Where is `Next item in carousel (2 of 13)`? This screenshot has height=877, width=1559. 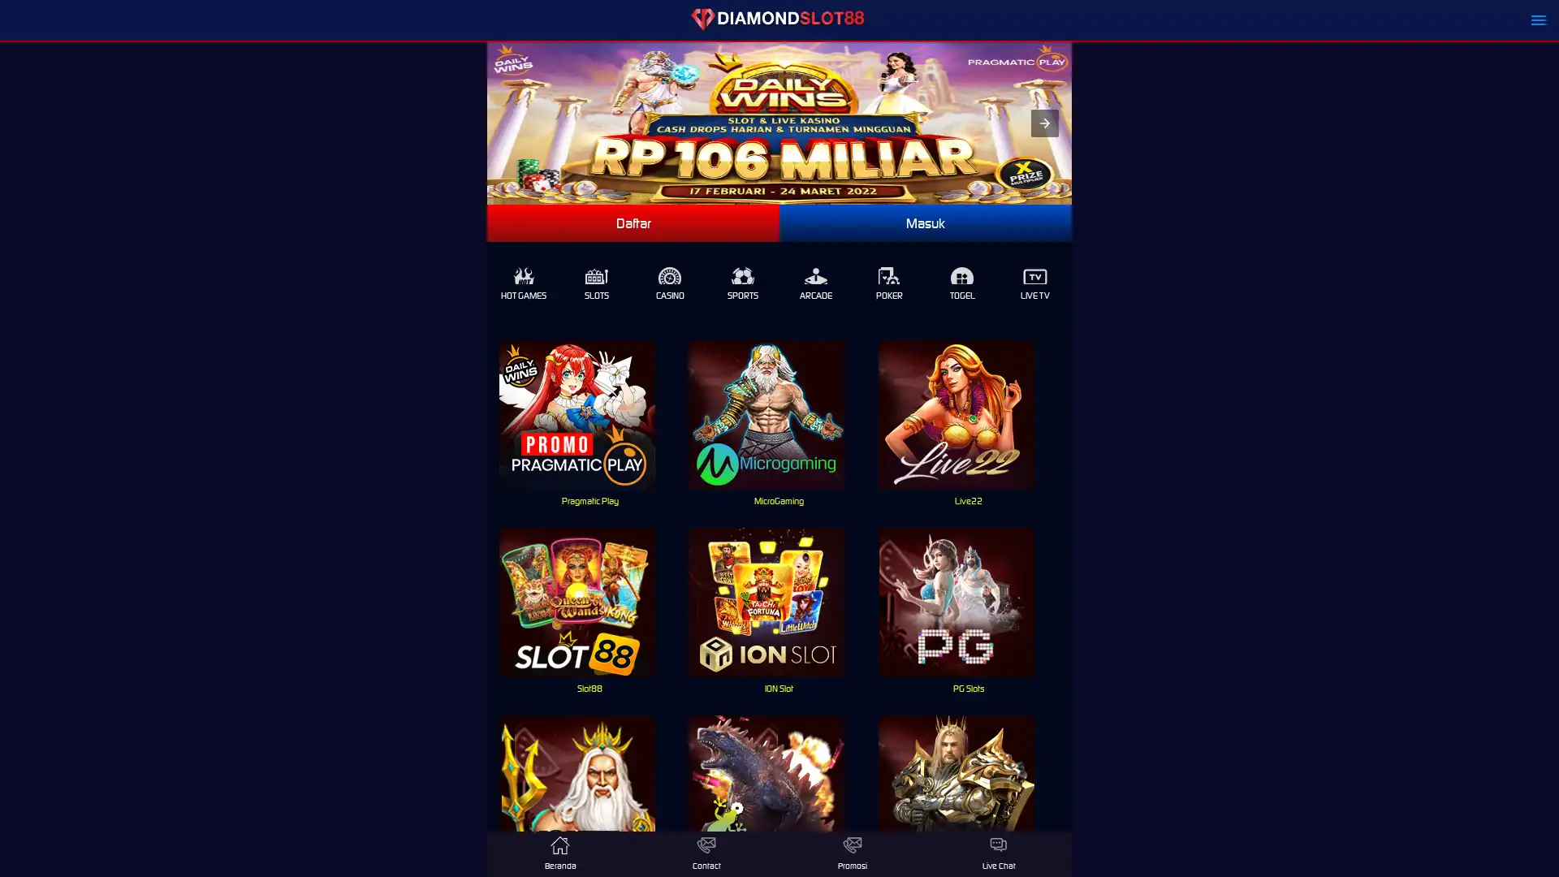
Next item in carousel (2 of 13) is located at coordinates (1044, 122).